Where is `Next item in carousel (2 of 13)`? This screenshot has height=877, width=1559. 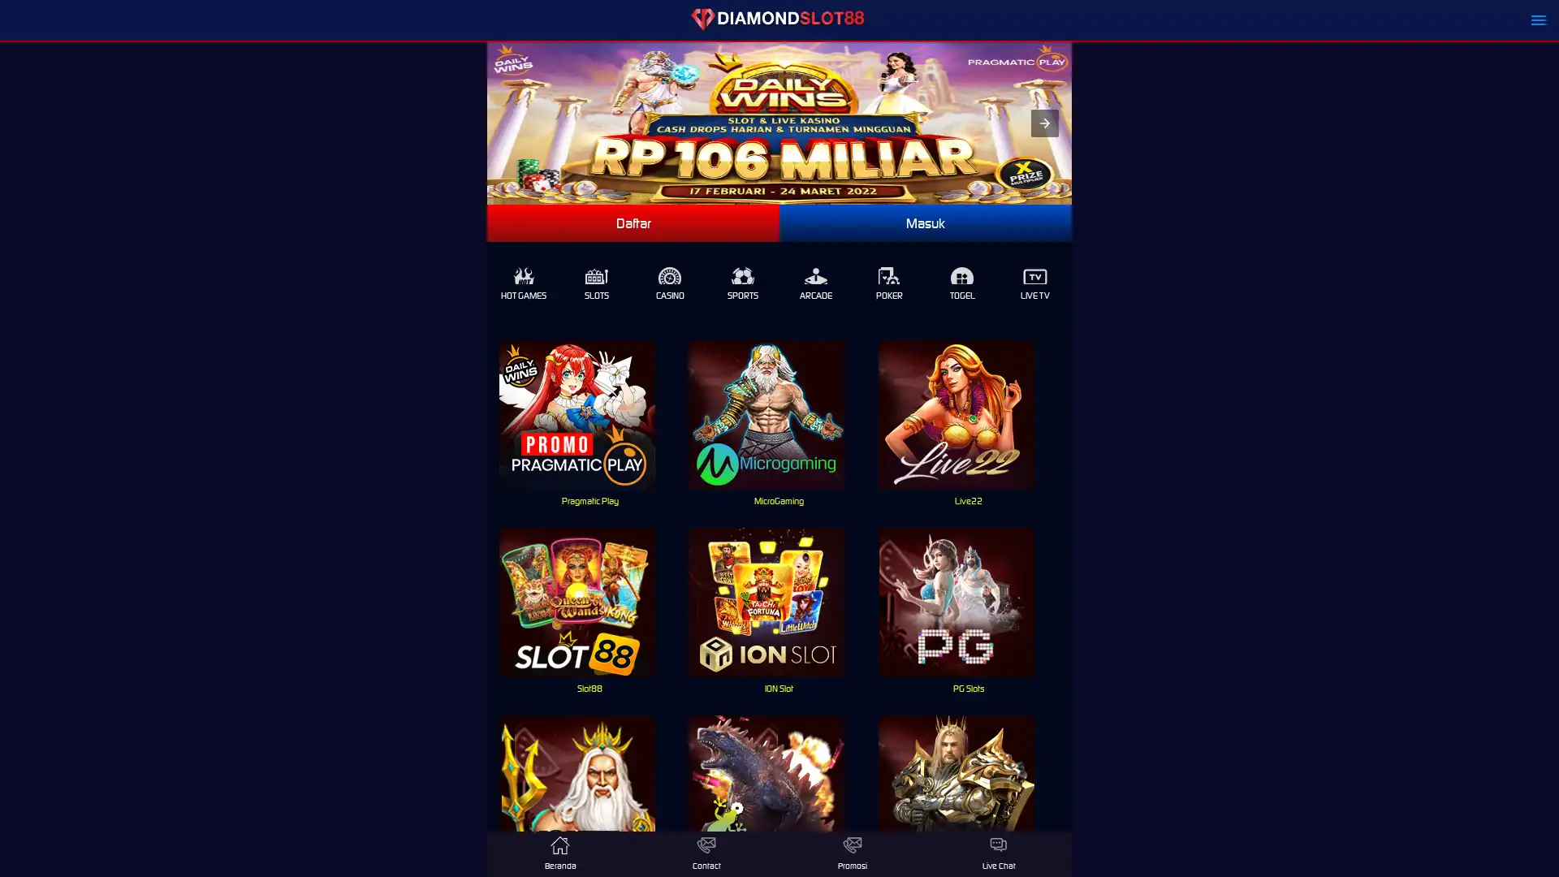
Next item in carousel (2 of 13) is located at coordinates (1044, 122).